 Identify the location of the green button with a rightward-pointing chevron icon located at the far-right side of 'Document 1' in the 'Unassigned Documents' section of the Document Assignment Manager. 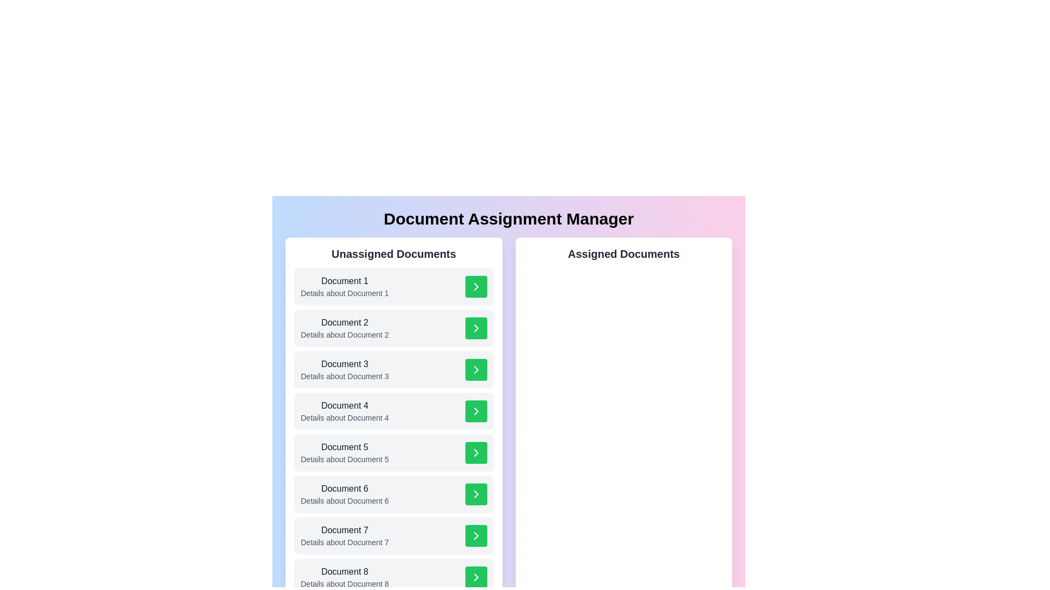
(476, 286).